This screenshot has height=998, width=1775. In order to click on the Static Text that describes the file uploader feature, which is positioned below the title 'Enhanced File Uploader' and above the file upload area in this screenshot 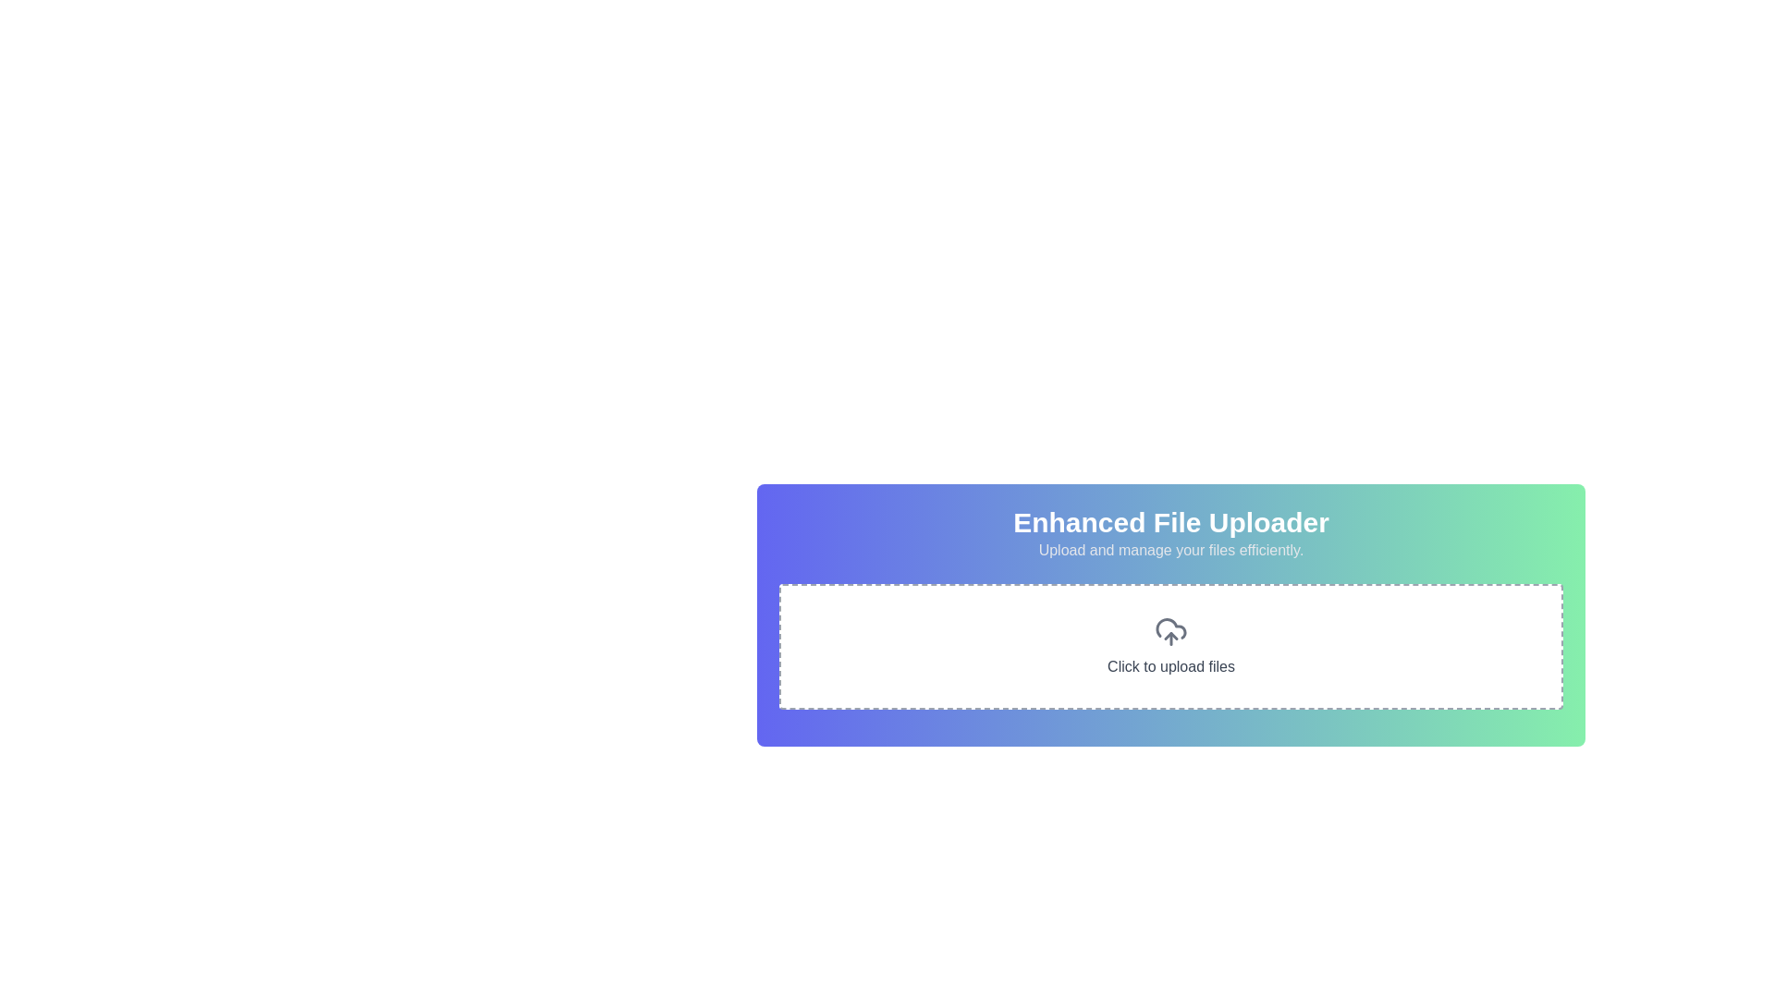, I will do `click(1170, 550)`.